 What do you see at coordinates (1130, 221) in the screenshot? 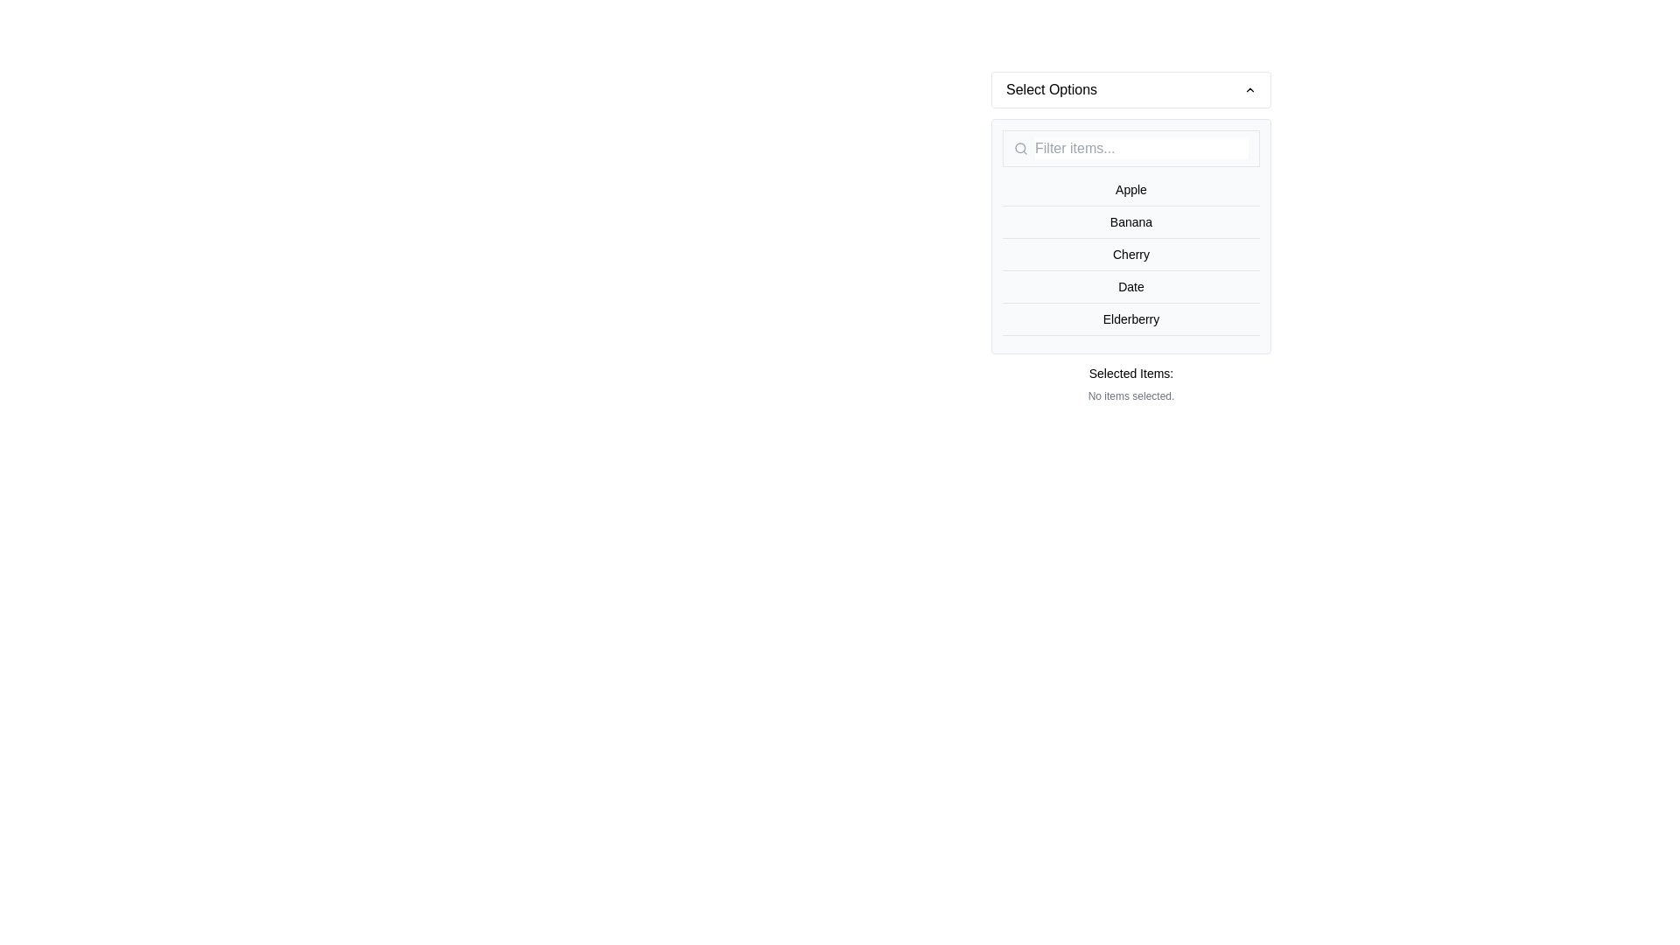
I see `the 'Banana' option in the dropdown list, which is located below 'Apple' and above 'Cherry'` at bounding box center [1130, 221].